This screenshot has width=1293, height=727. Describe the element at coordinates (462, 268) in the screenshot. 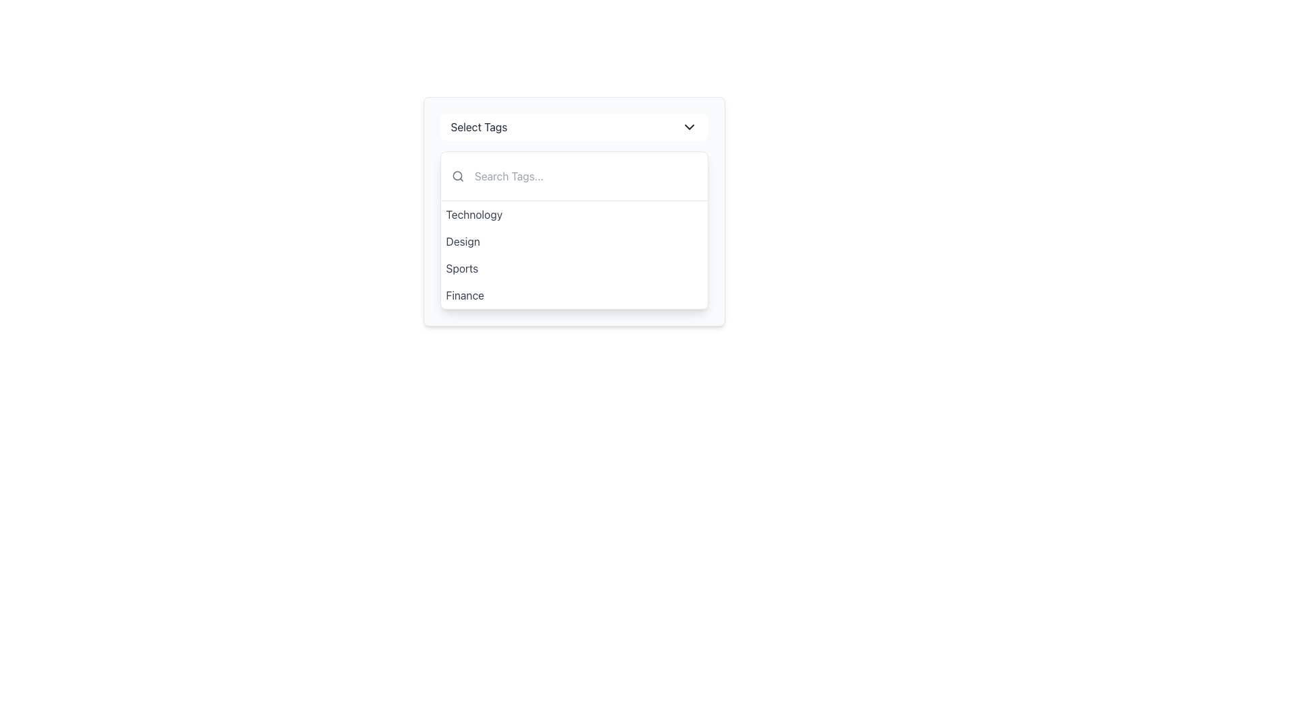

I see `the 'Sports' category in the dropdown menu` at that location.